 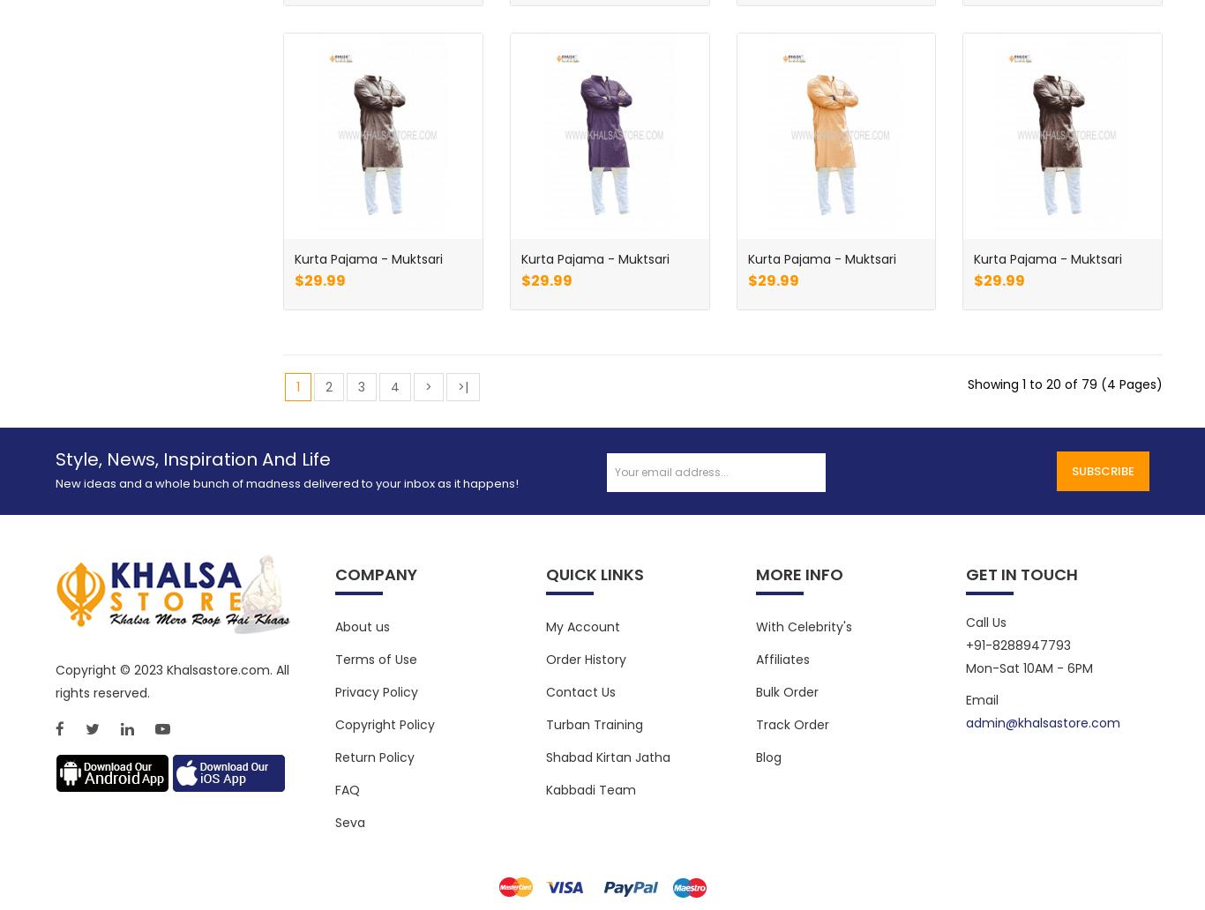 I want to click on 'Terms of Use', so click(x=375, y=658).